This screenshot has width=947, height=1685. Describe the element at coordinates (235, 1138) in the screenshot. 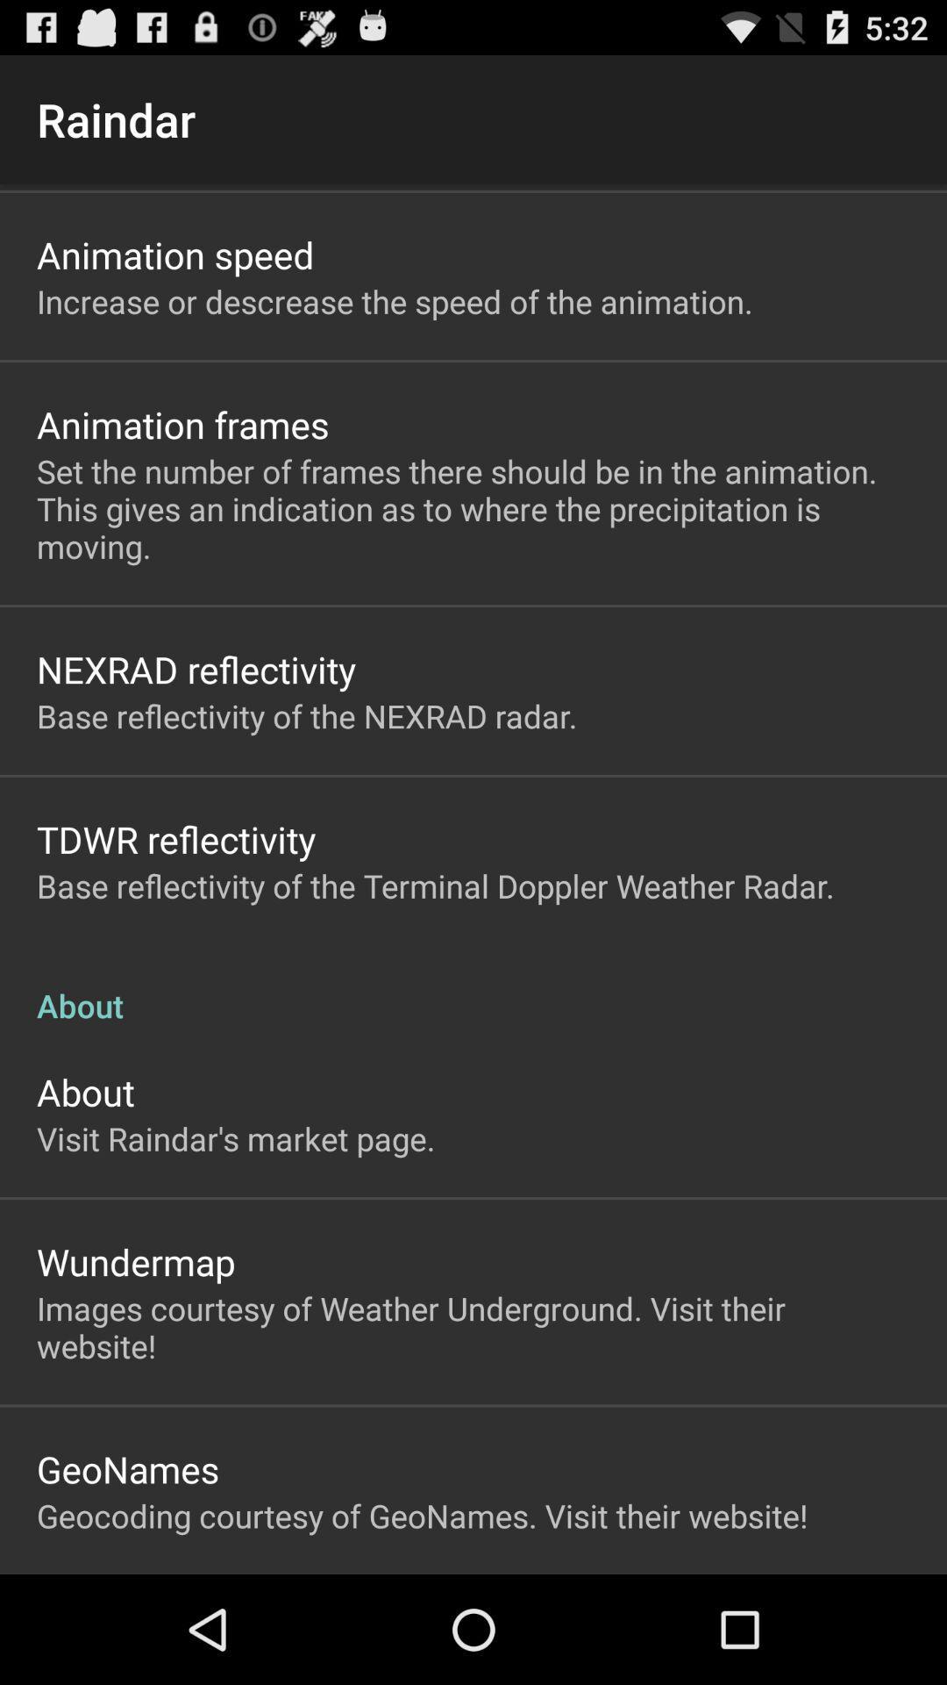

I see `the visit raindar s` at that location.